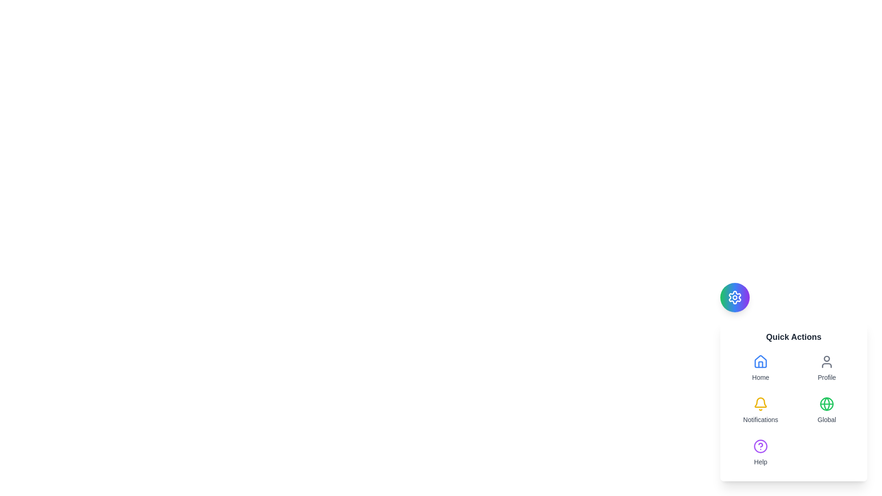  Describe the element at coordinates (761, 420) in the screenshot. I see `the 'Notifications' static text label, which is styled in a small gray font and located beneath a yellow notification bell icon in the quick access menu` at that location.